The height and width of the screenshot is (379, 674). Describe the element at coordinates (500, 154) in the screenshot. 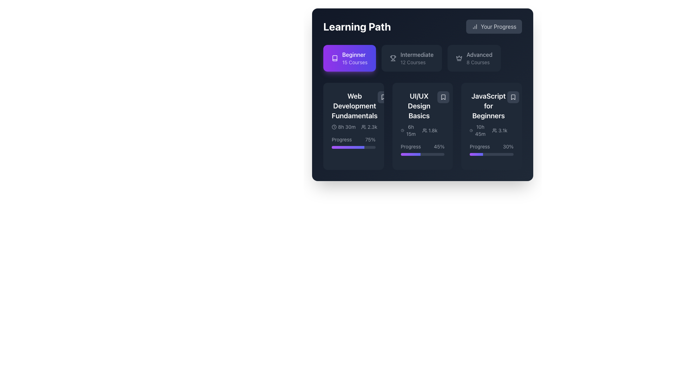

I see `the progress value` at that location.